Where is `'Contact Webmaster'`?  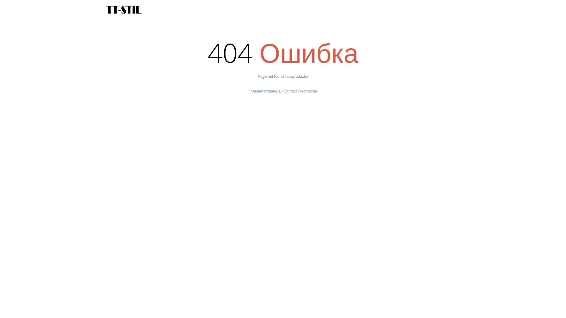 'Contact Webmaster' is located at coordinates (283, 91).